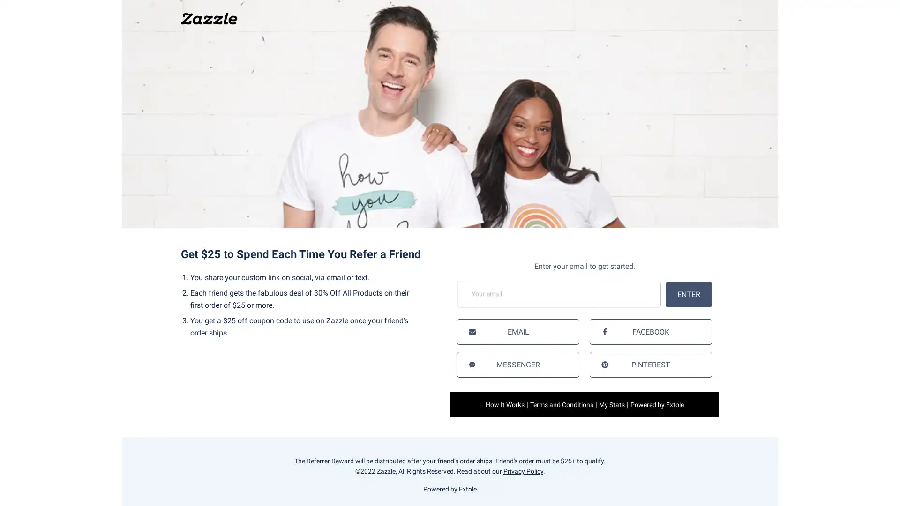 Image resolution: width=900 pixels, height=506 pixels. I want to click on facebook, so click(650, 331).